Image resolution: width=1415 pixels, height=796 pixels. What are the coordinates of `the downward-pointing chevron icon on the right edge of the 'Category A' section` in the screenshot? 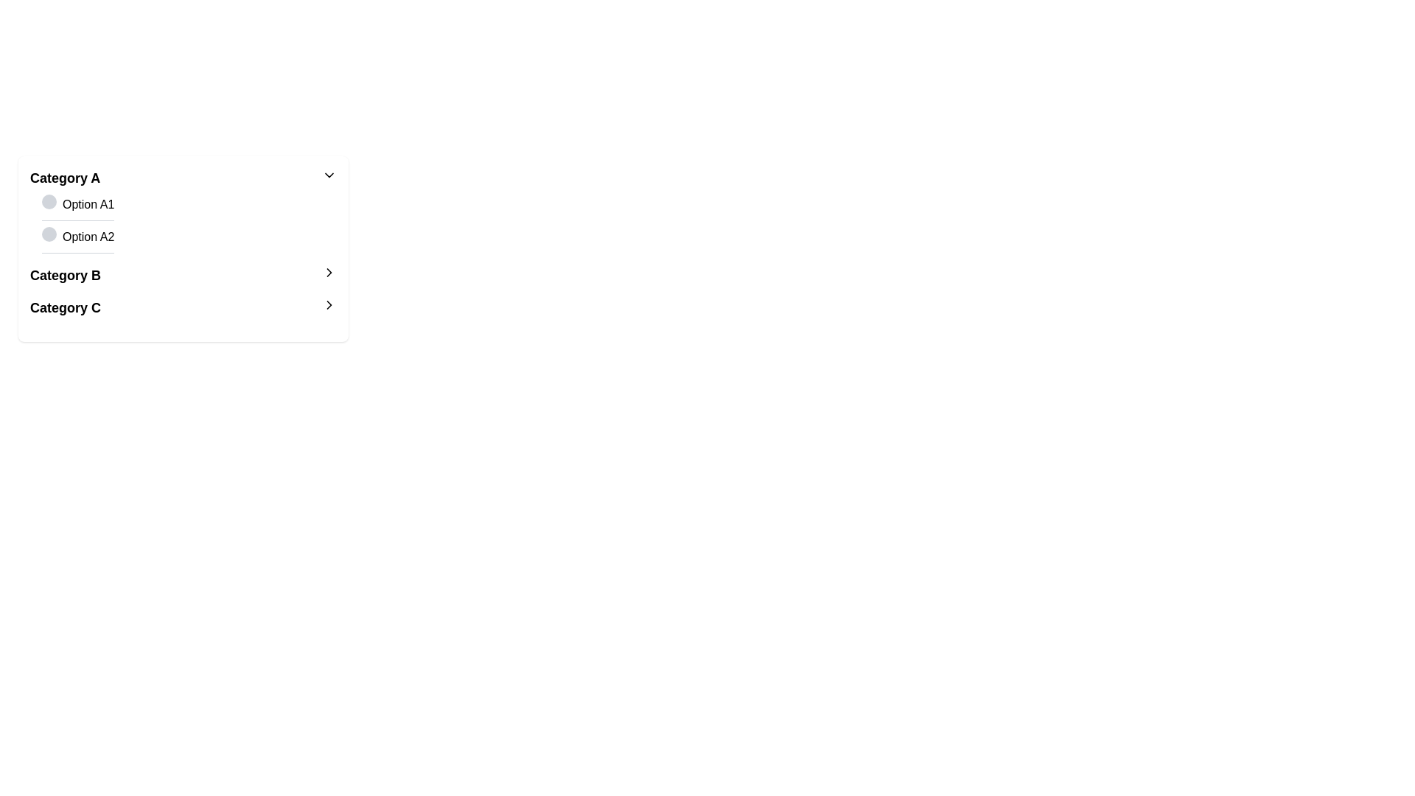 It's located at (328, 175).